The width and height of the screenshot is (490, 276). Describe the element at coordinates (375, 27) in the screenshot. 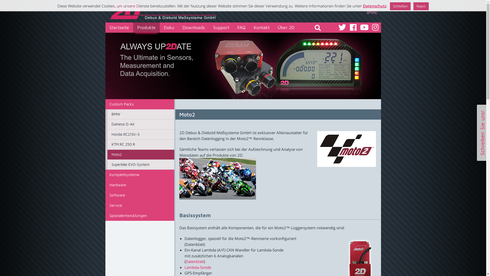

I see `'Sehen Sie uns auf Instagram'` at that location.